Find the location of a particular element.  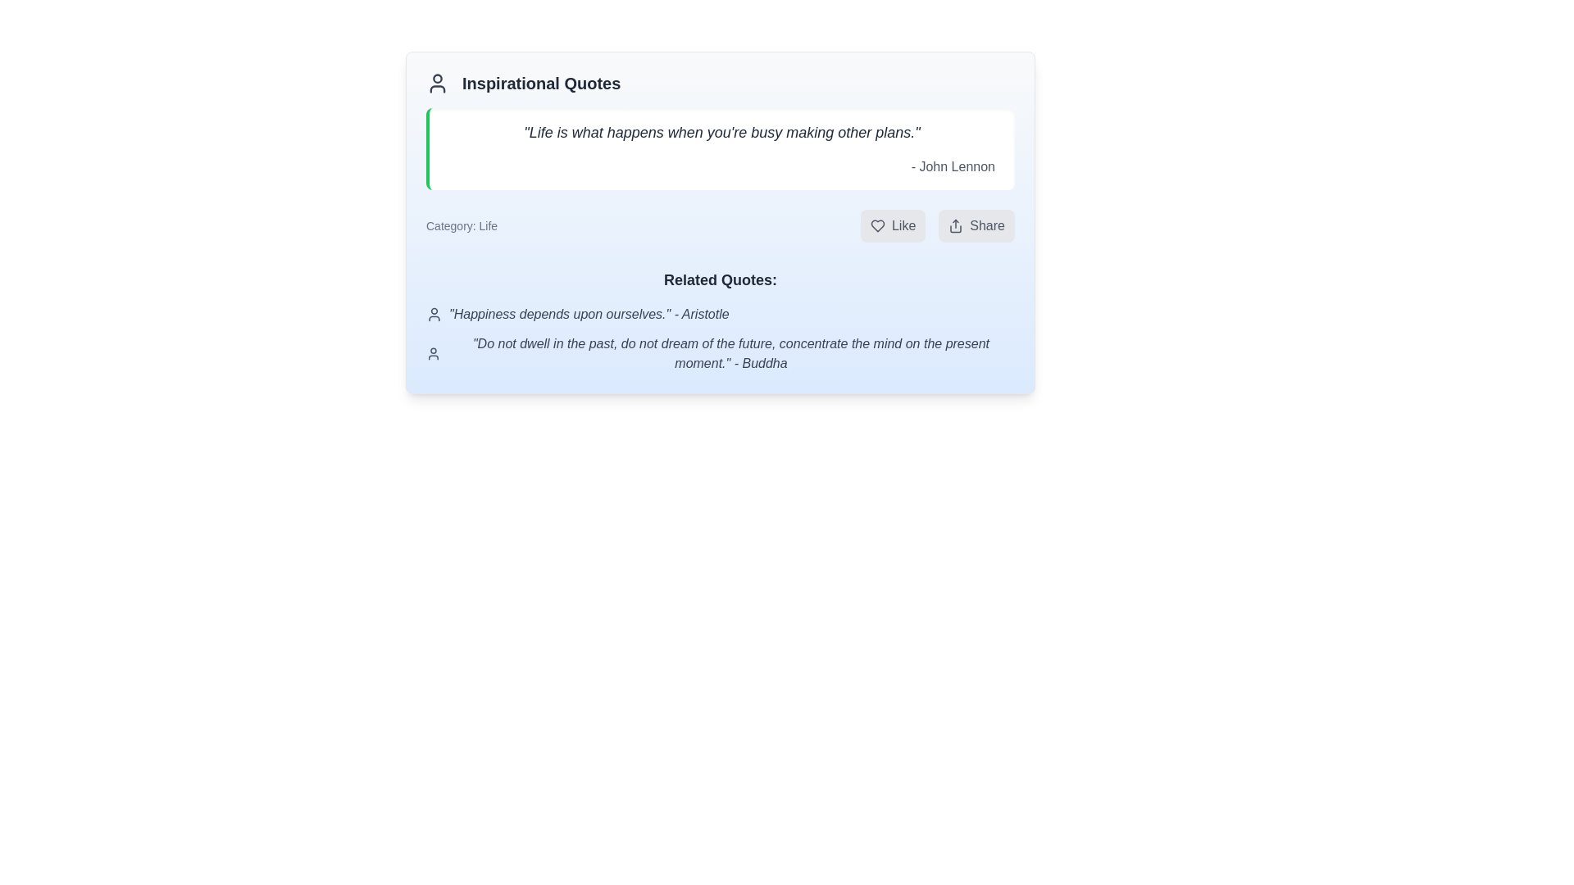

the decorative or informational icon positioned to the left of the quote text in the bottom section of the inspirational quotes card is located at coordinates (433, 353).